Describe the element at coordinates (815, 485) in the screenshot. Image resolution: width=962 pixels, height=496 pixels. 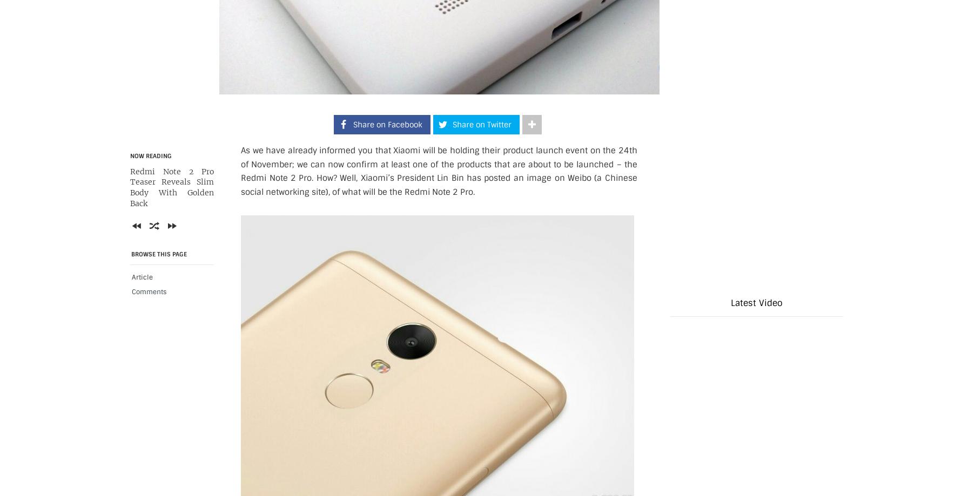
I see `'Next'` at that location.